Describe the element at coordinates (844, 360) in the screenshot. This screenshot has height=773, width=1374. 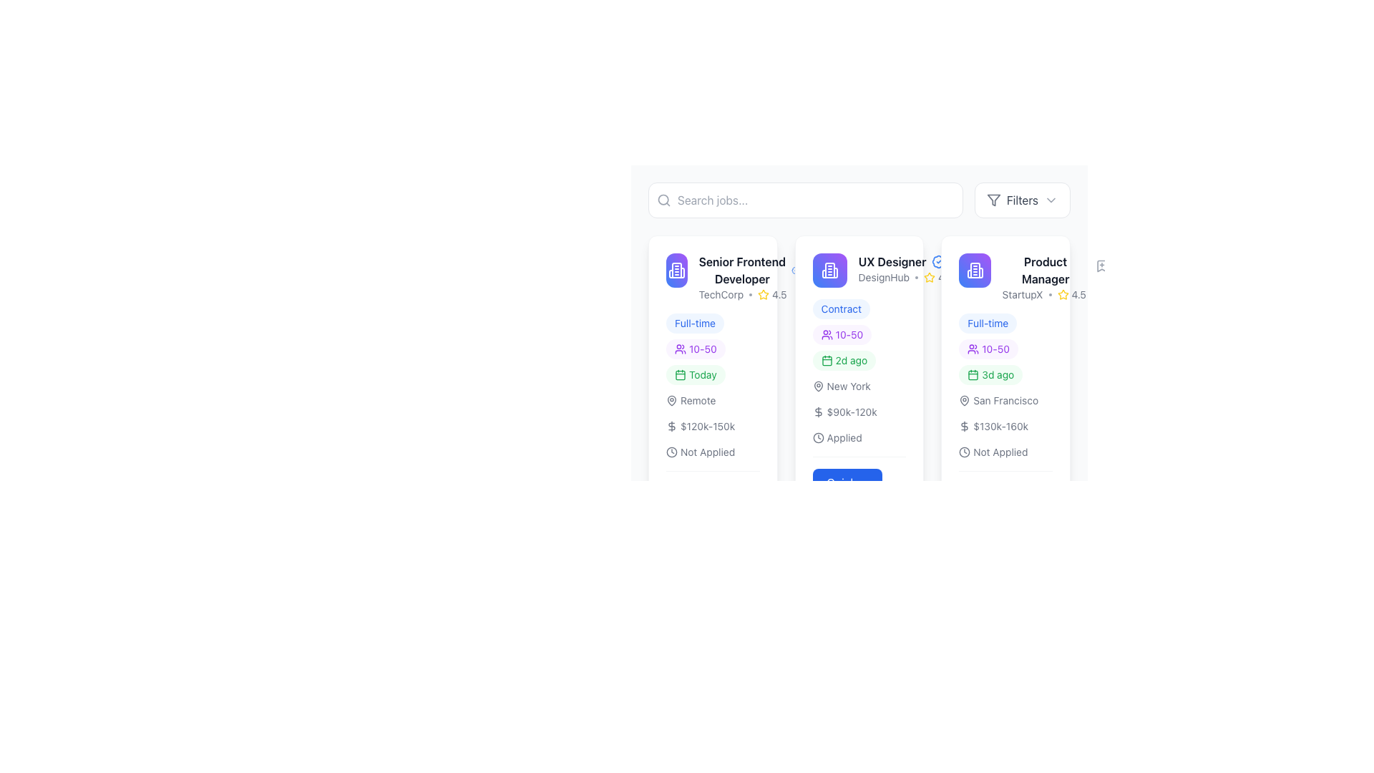
I see `the displayed timestamp indicator badge for the job posting titled 'UX Designer' which shows that the job was created or updated 2 days ago` at that location.